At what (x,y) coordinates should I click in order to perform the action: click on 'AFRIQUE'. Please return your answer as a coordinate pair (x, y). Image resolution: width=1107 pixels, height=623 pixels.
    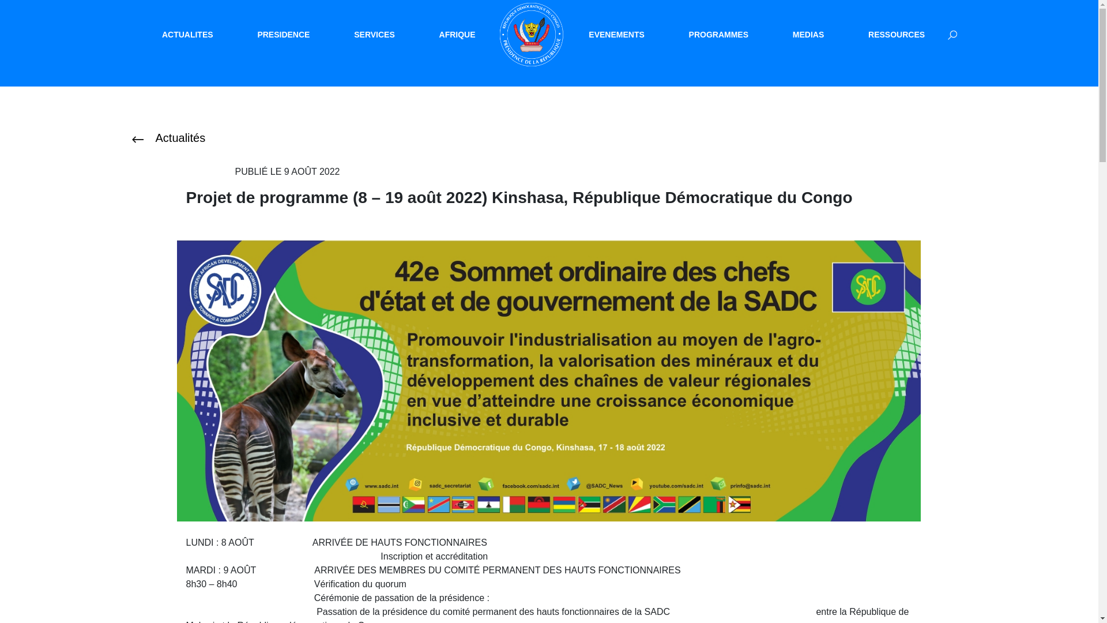
    Looking at the image, I should click on (457, 34).